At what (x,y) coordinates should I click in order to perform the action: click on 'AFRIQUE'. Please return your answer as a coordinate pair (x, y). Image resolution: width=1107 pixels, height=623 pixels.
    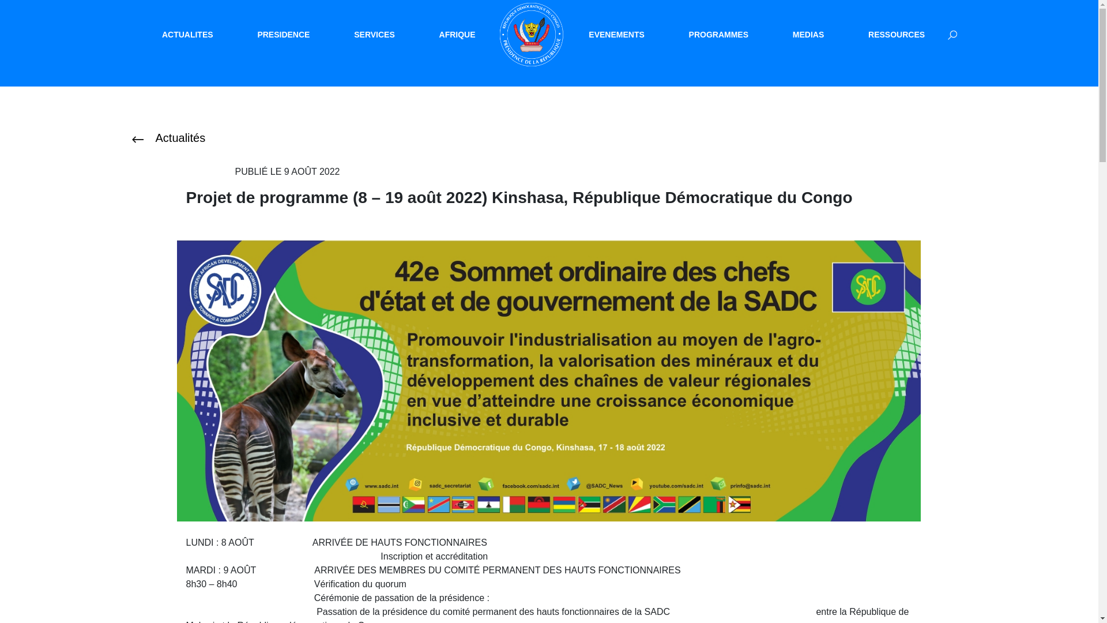
    Looking at the image, I should click on (457, 34).